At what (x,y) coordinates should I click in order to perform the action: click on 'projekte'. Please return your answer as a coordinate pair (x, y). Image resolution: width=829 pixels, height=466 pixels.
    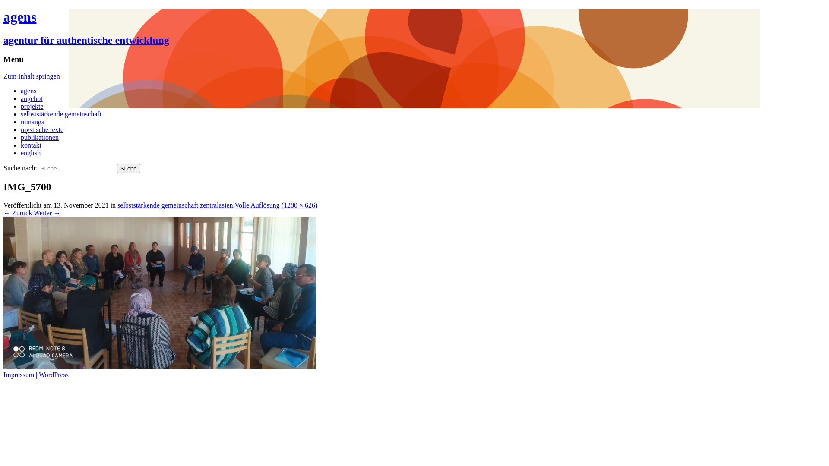
    Looking at the image, I should click on (32, 106).